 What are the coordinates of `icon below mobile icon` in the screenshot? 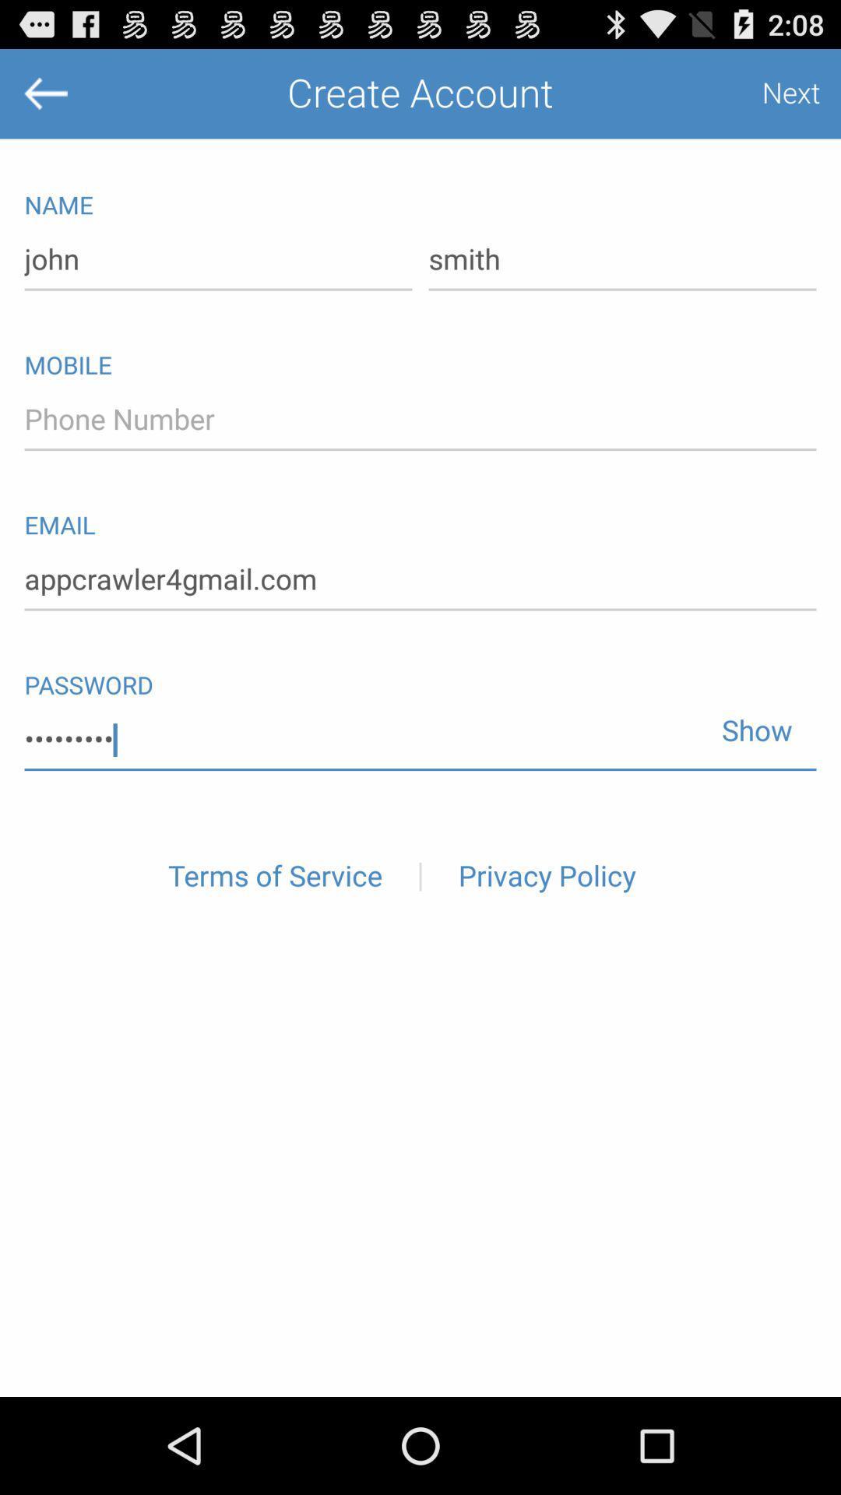 It's located at (420, 420).